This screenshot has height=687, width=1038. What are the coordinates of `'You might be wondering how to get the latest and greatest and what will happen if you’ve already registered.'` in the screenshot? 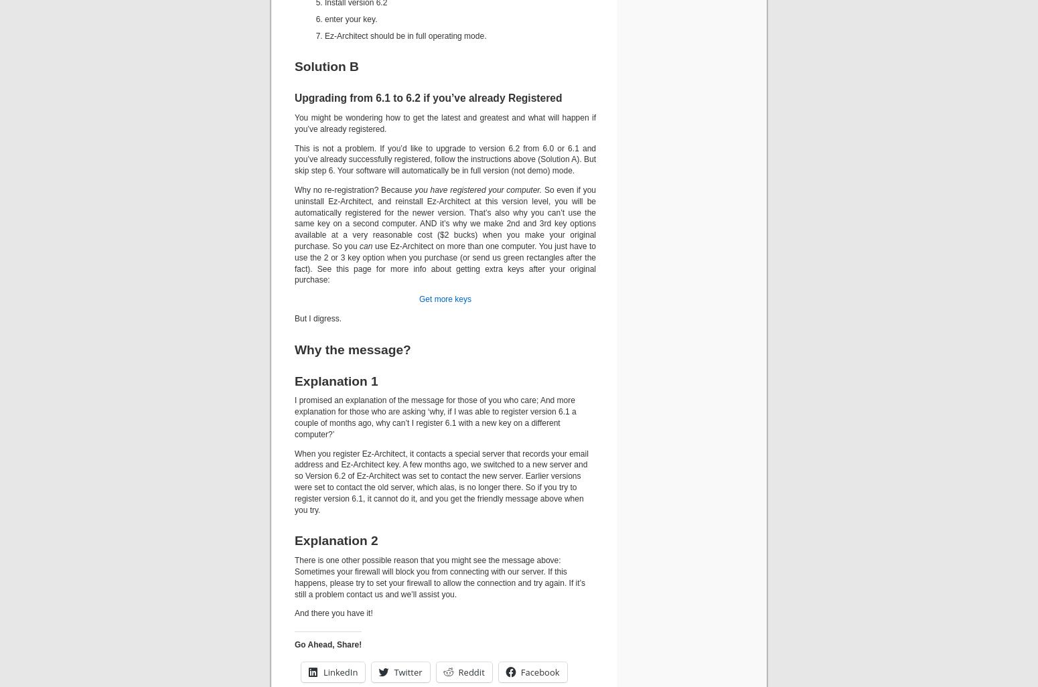 It's located at (444, 122).